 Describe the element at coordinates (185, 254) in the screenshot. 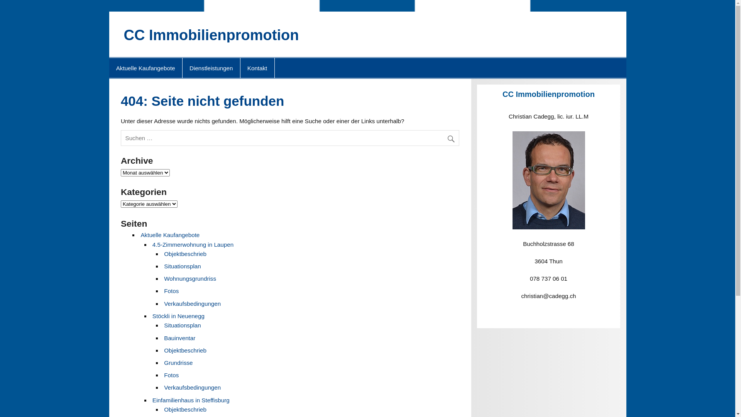

I see `'Objektbeschrieb'` at that location.